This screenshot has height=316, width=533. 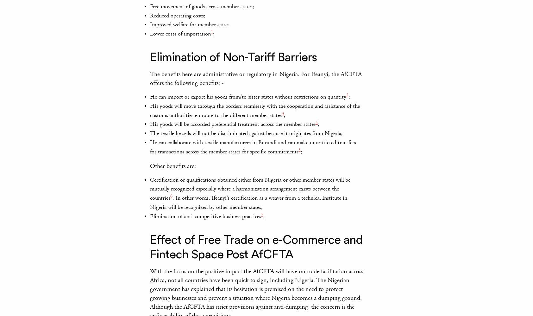 What do you see at coordinates (177, 15) in the screenshot?
I see `'Reduced operating costs;'` at bounding box center [177, 15].